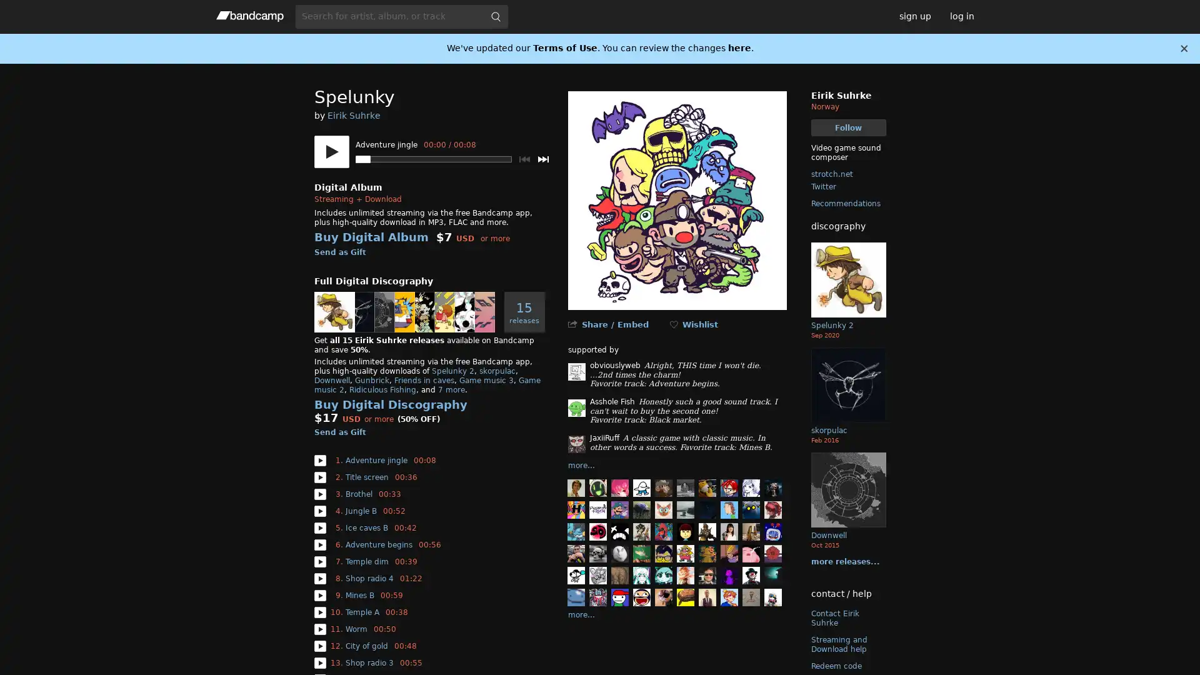  What do you see at coordinates (319, 544) in the screenshot?
I see `Play Adventure begins` at bounding box center [319, 544].